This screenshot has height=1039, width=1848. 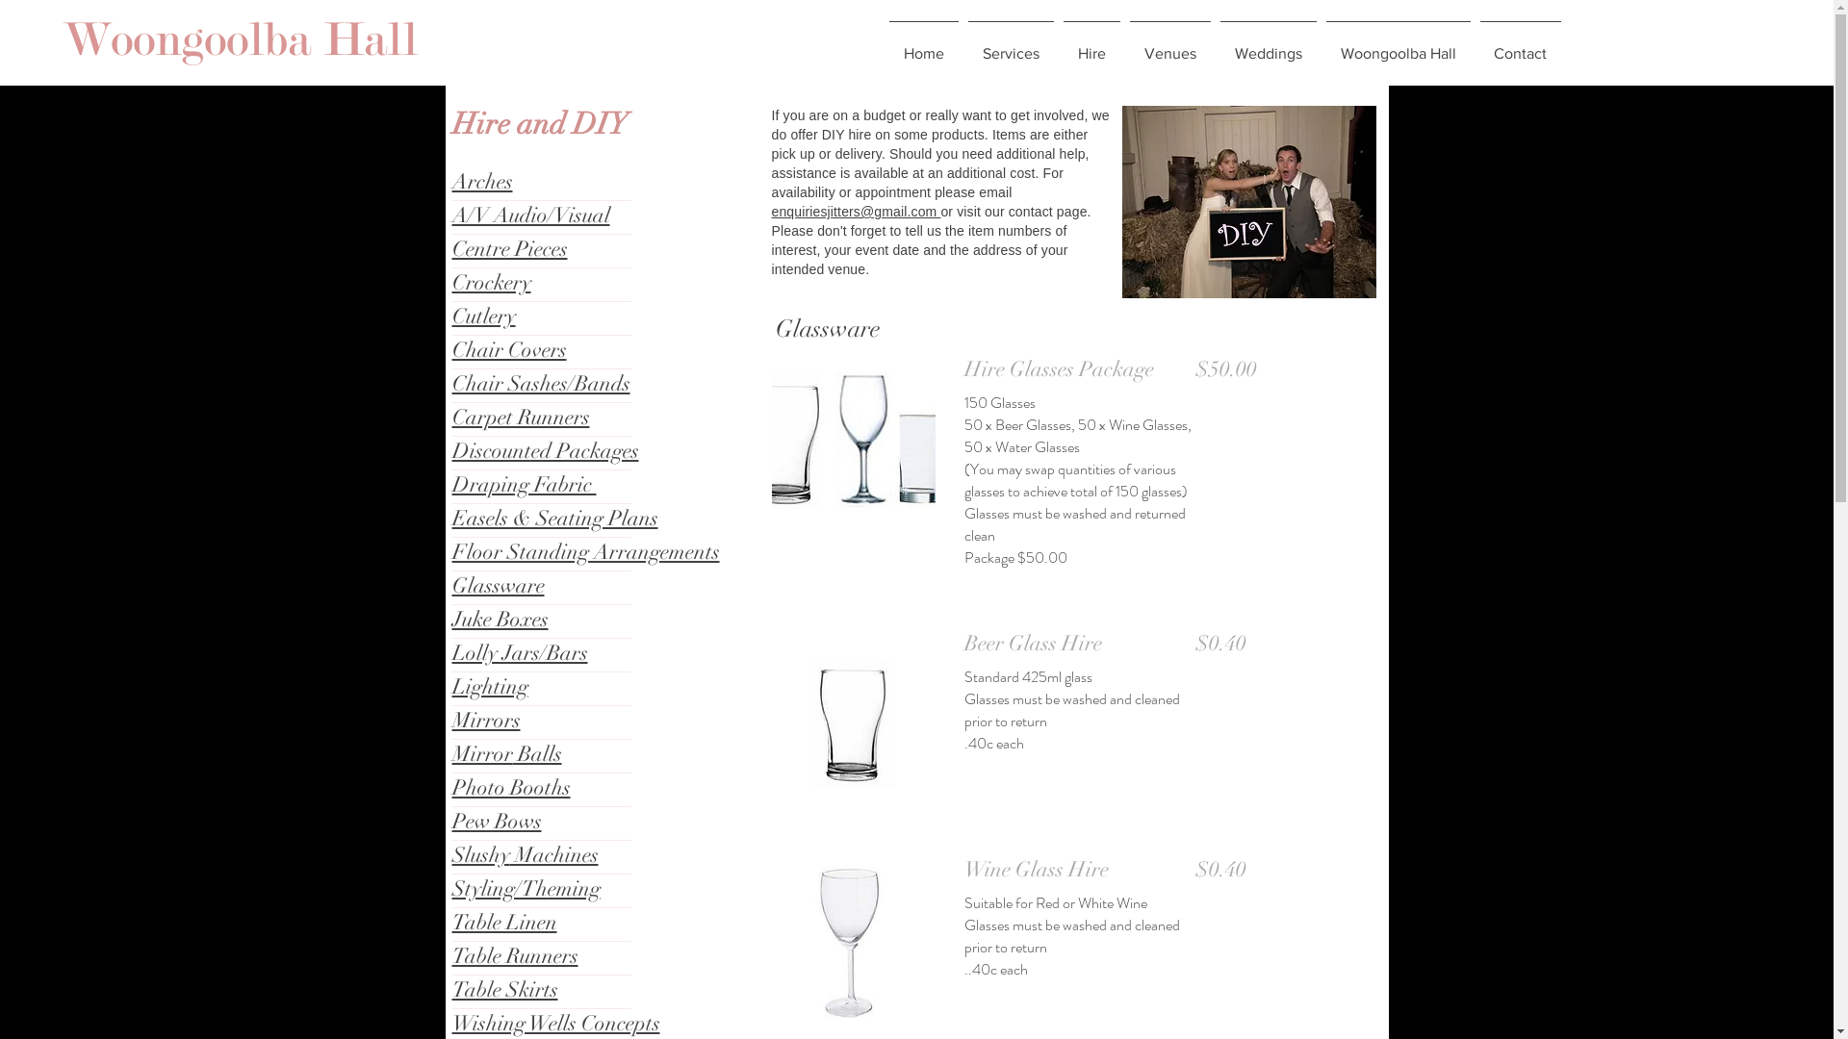 What do you see at coordinates (525, 483) in the screenshot?
I see `'Draping Fabric '` at bounding box center [525, 483].